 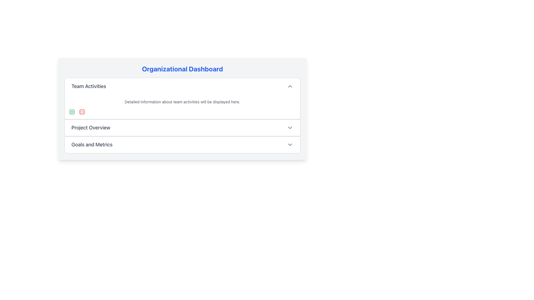 I want to click on the bold, blue-colored text displaying 'Organizational Dashboard' at the top of the panel, so click(x=182, y=68).